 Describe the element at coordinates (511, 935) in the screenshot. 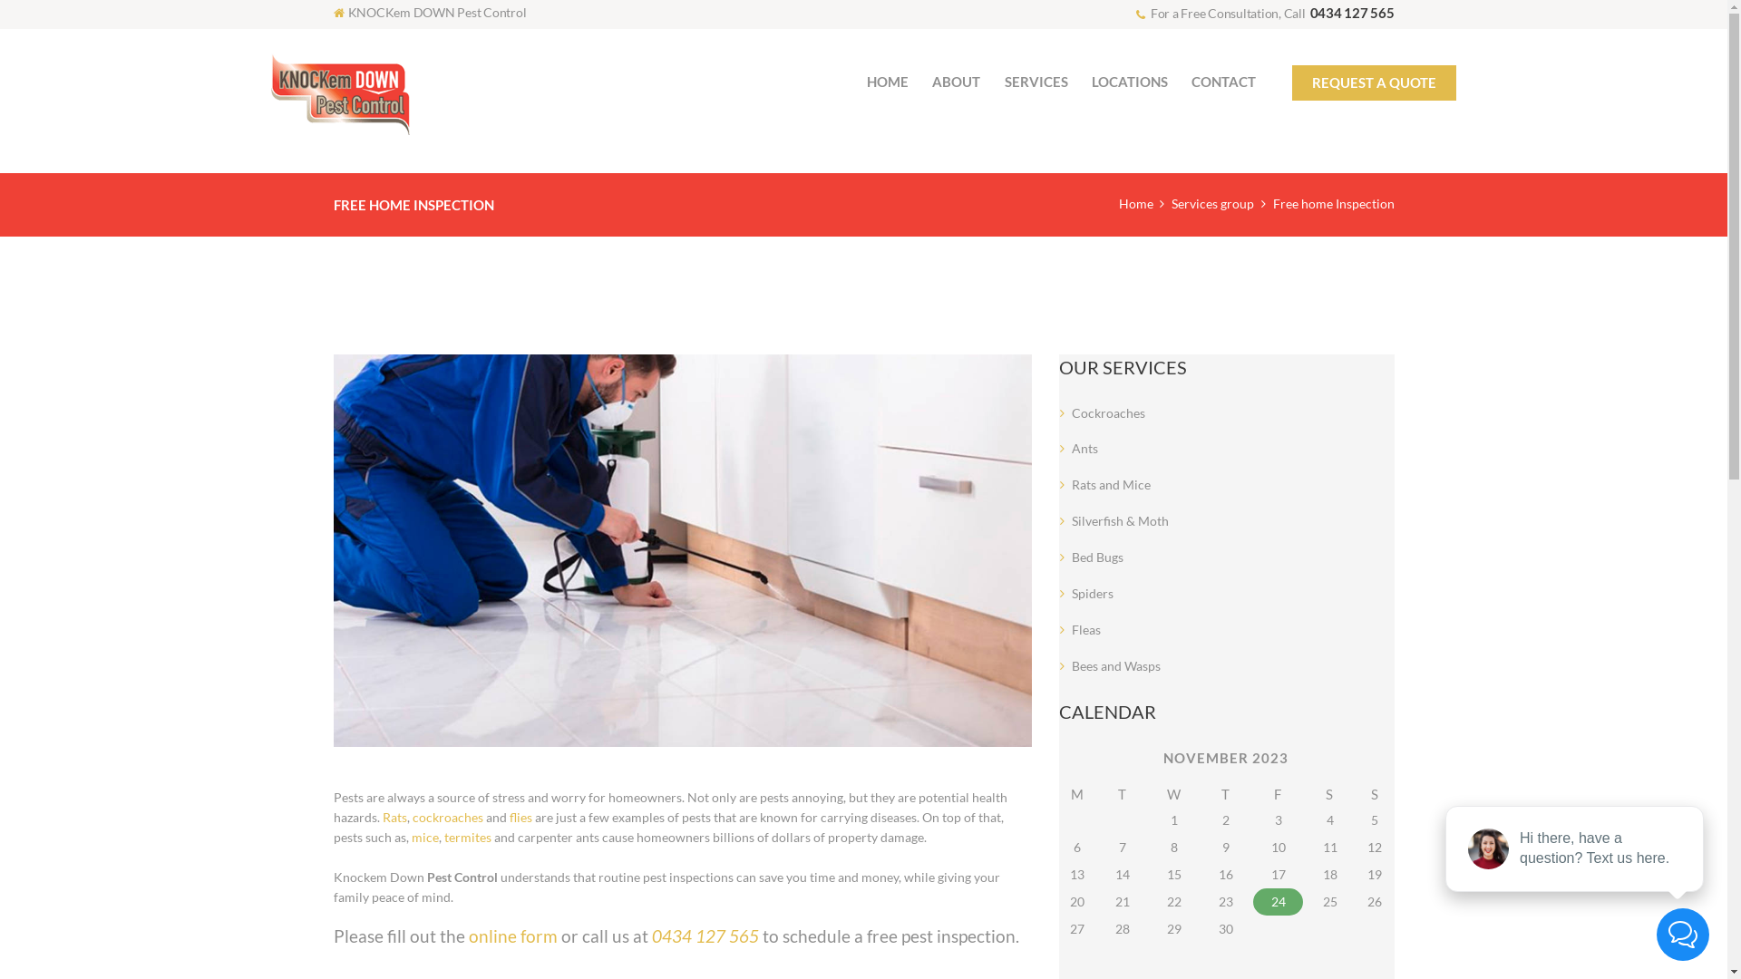

I see `'online form'` at that location.